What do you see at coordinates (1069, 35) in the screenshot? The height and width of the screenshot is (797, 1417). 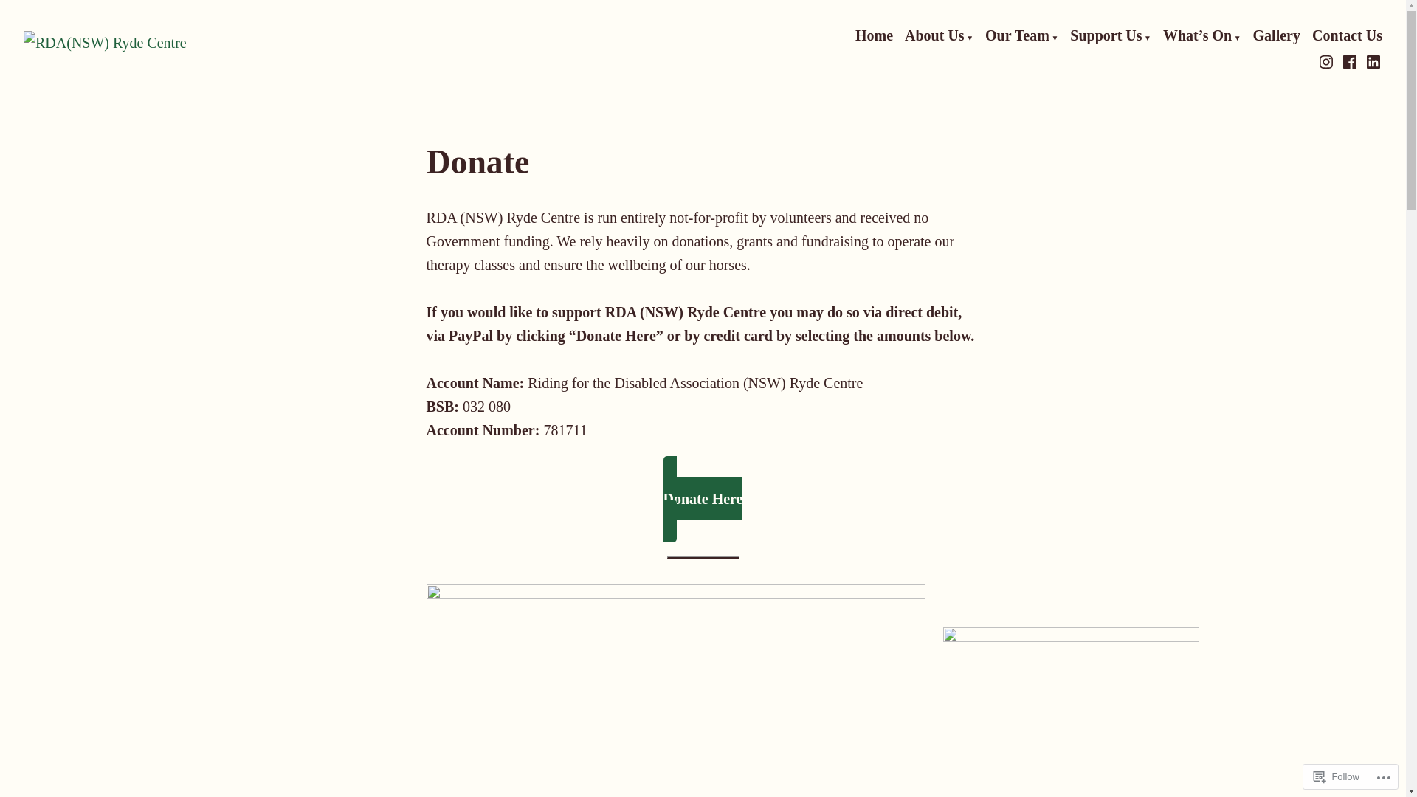 I see `'Support Us'` at bounding box center [1069, 35].